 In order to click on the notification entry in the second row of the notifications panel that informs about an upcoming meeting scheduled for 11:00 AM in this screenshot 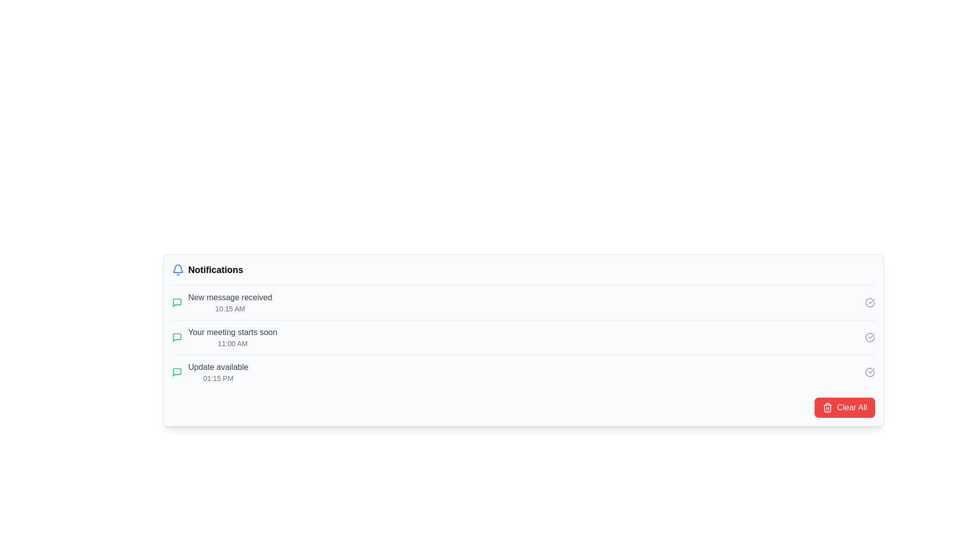, I will do `click(224, 337)`.